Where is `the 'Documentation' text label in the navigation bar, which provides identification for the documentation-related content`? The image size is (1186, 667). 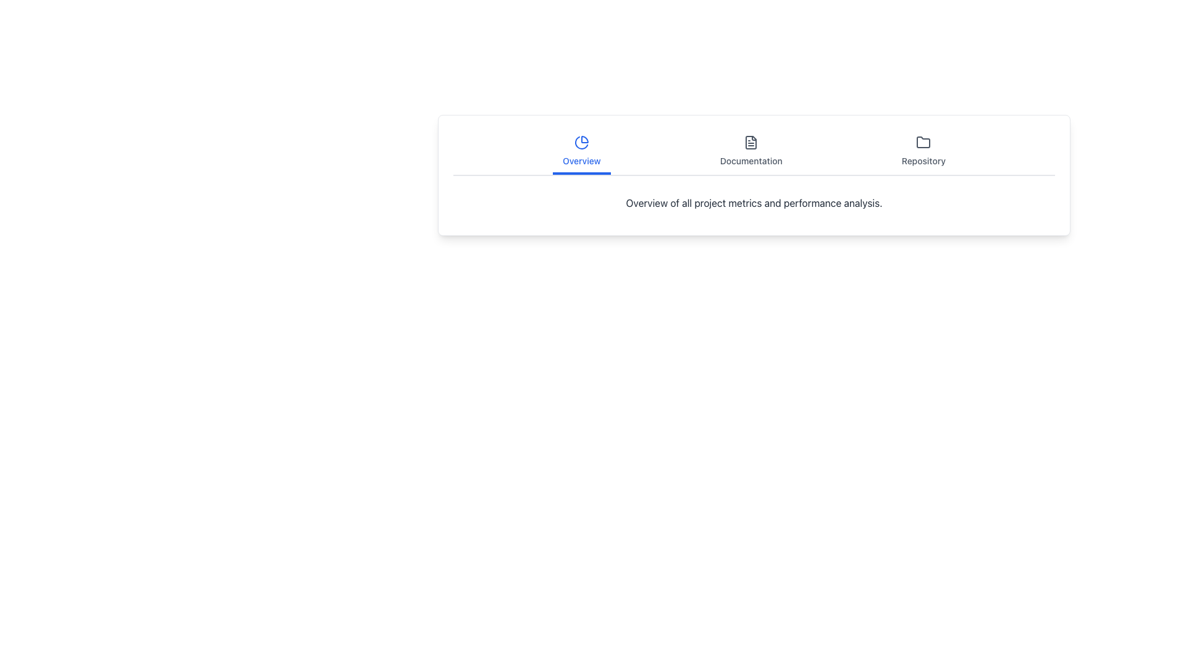 the 'Documentation' text label in the navigation bar, which provides identification for the documentation-related content is located at coordinates (751, 161).